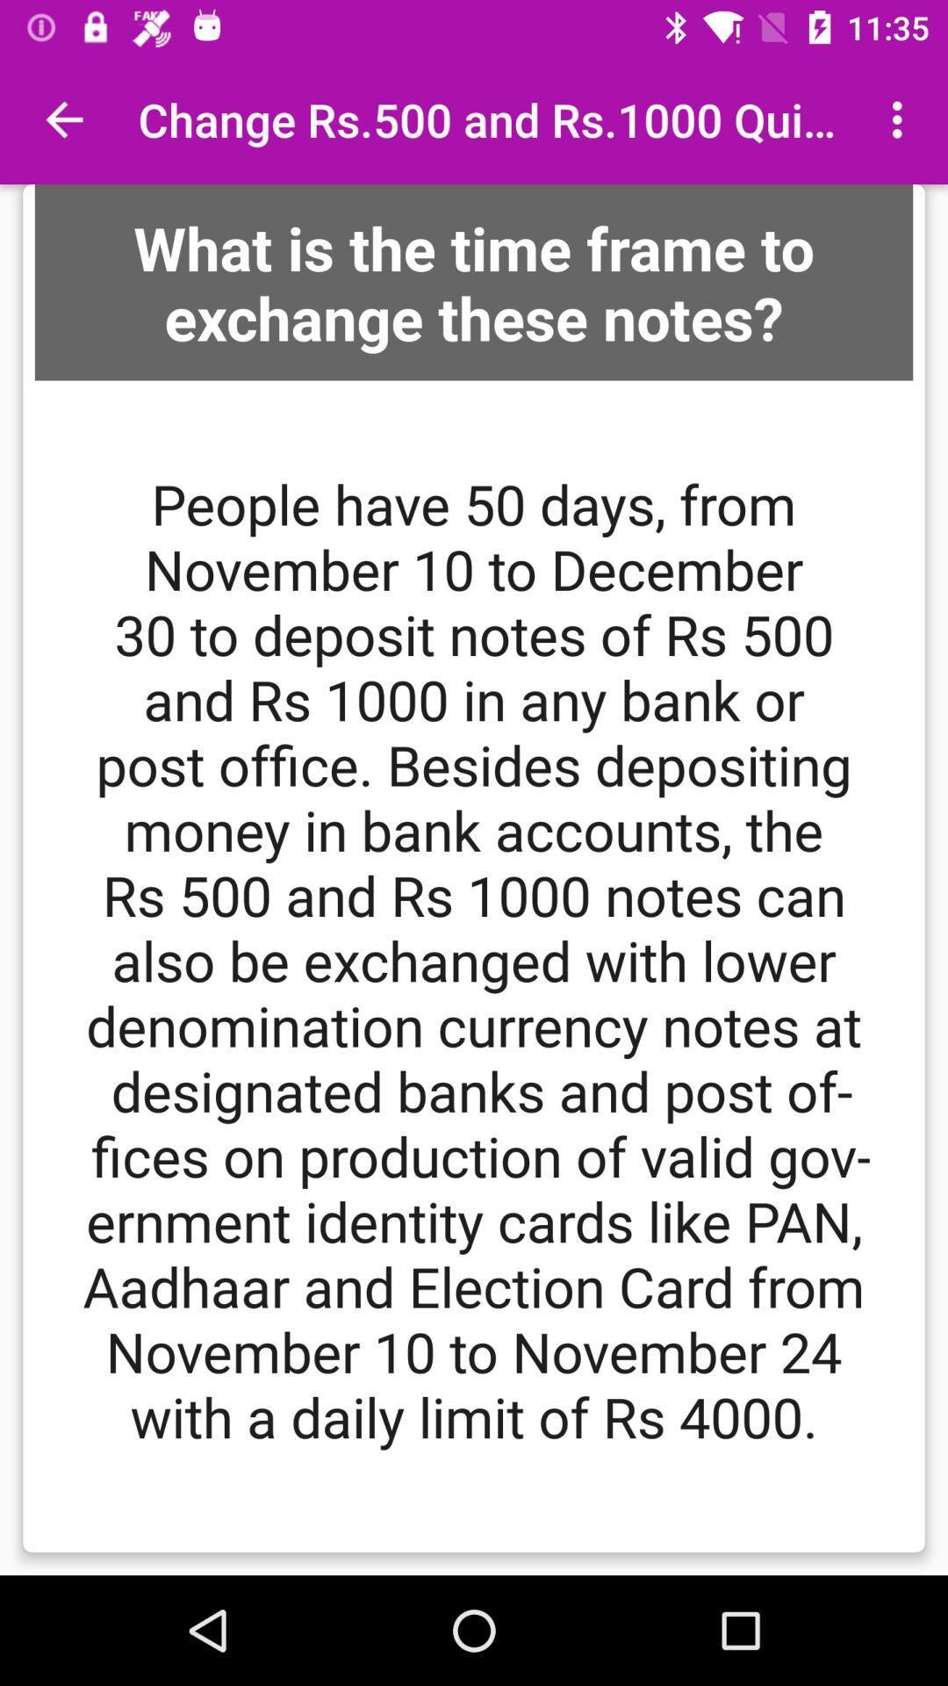 Image resolution: width=948 pixels, height=1686 pixels. I want to click on item to the left of the change rs 500 app, so click(63, 119).